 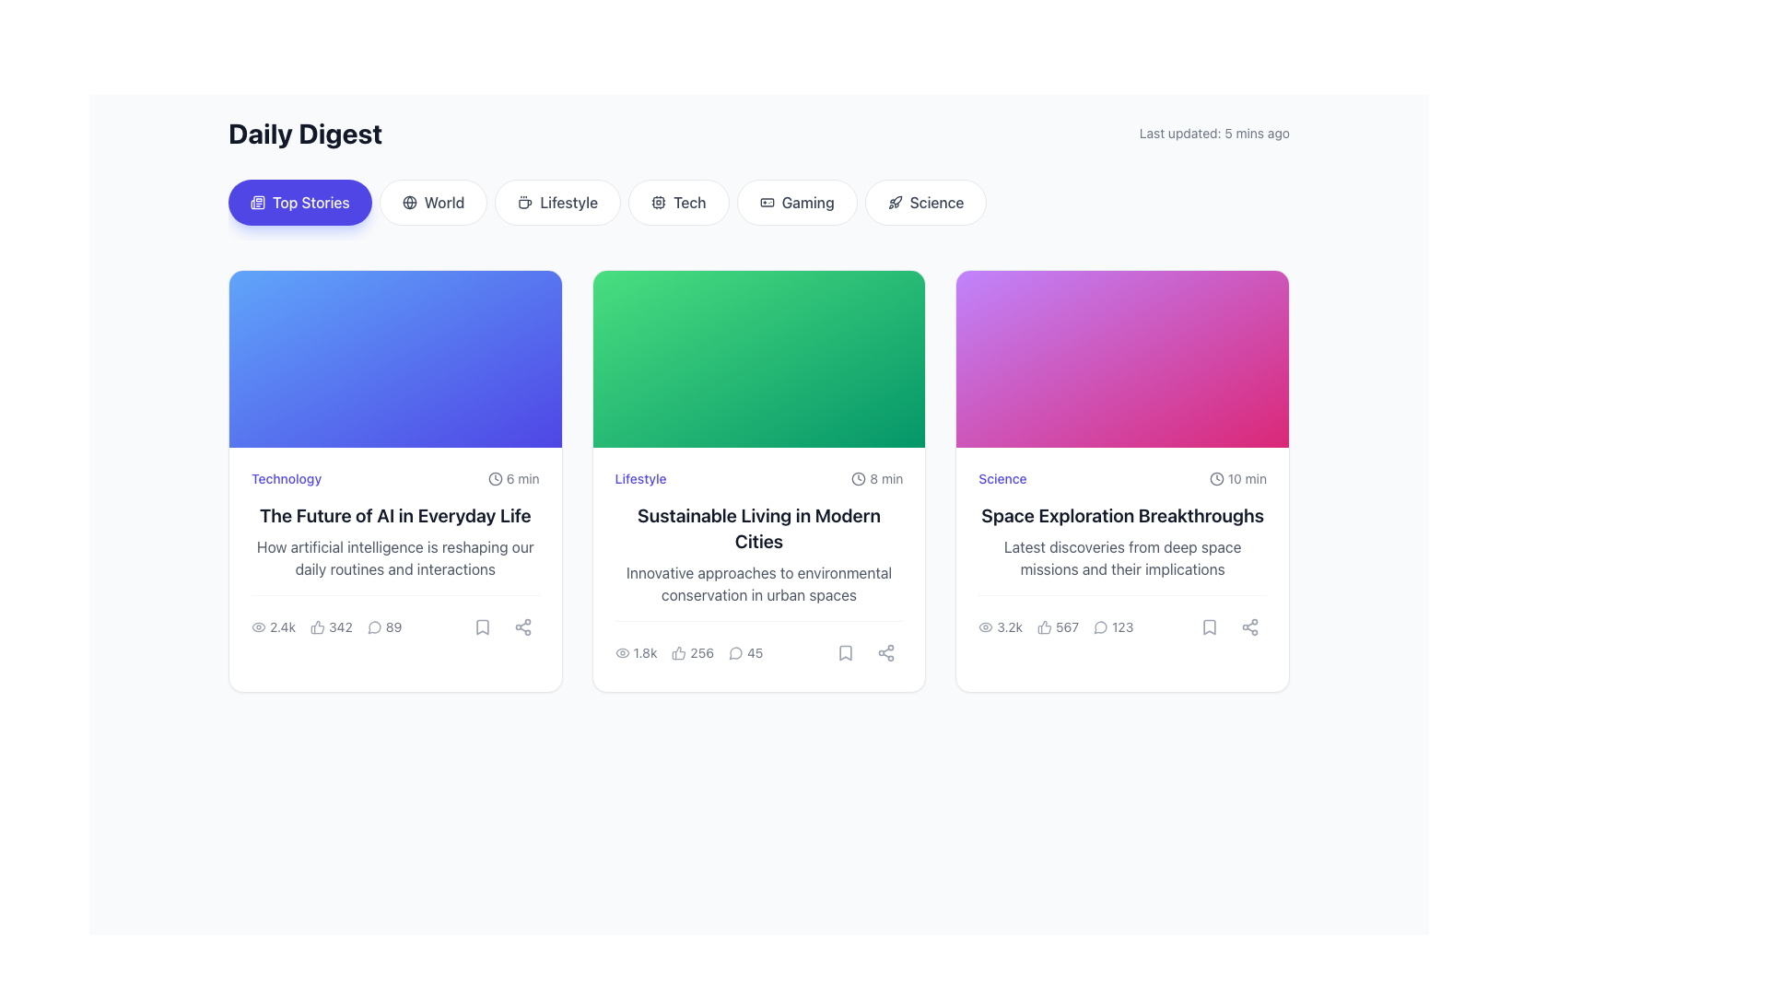 I want to click on the comment icon (SVG) located in the engagement metrics section below the 'Sustainable Living in Modern Cities' card to interact with comments, so click(x=734, y=652).